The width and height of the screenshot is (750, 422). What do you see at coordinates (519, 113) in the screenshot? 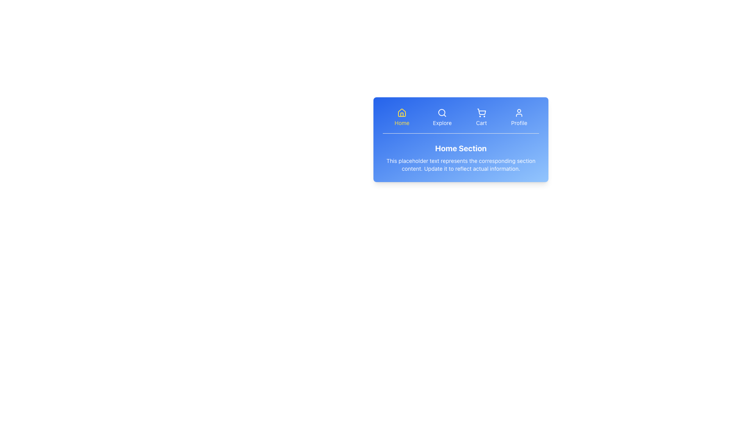
I see `the 'Profile' icon located in the top-right corner of the navigation bar` at bounding box center [519, 113].